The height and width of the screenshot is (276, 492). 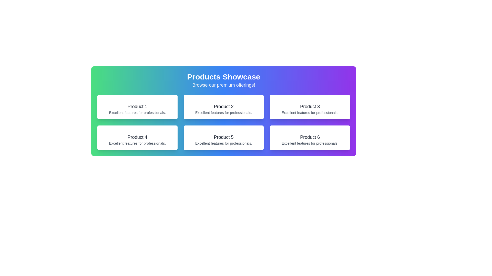 I want to click on the Card displaying information about 'Product 6', which is the last item in the second row of a grid layout, so click(x=310, y=137).